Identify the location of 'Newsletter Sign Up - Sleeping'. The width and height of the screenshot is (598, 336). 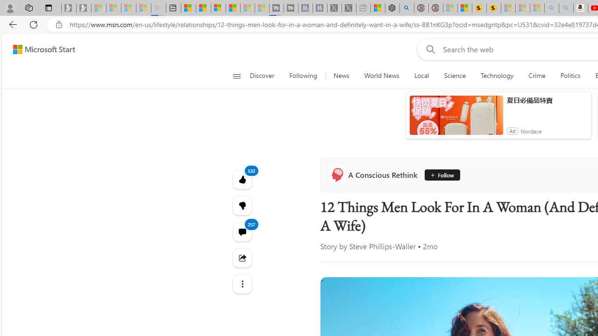
(84, 8).